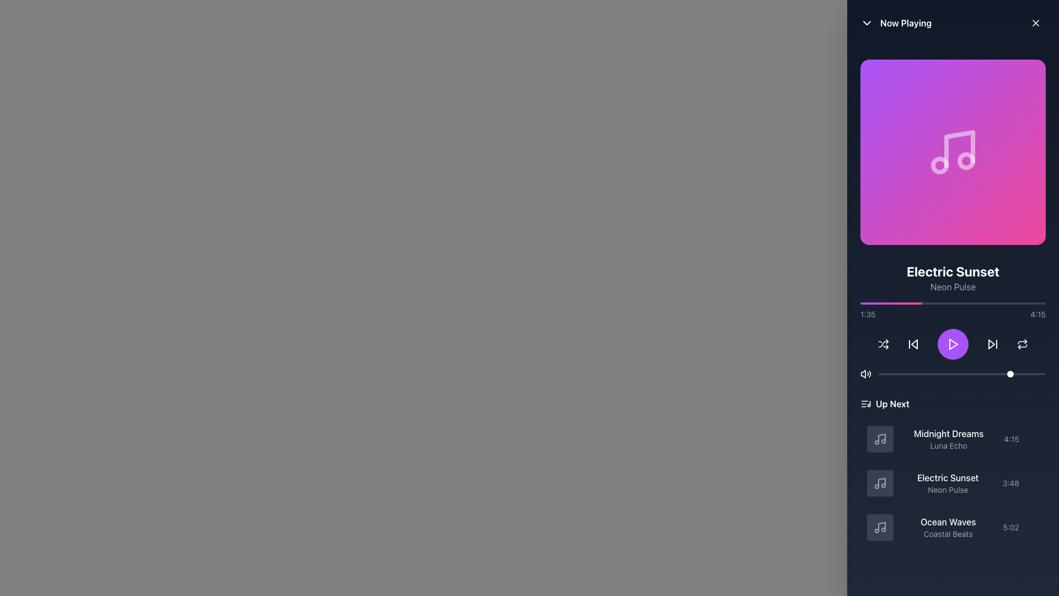 This screenshot has height=596, width=1059. Describe the element at coordinates (948, 534) in the screenshot. I see `displayed text of the Text label located below the title 'Ocean Waves' in the 'Up Next' list` at that location.